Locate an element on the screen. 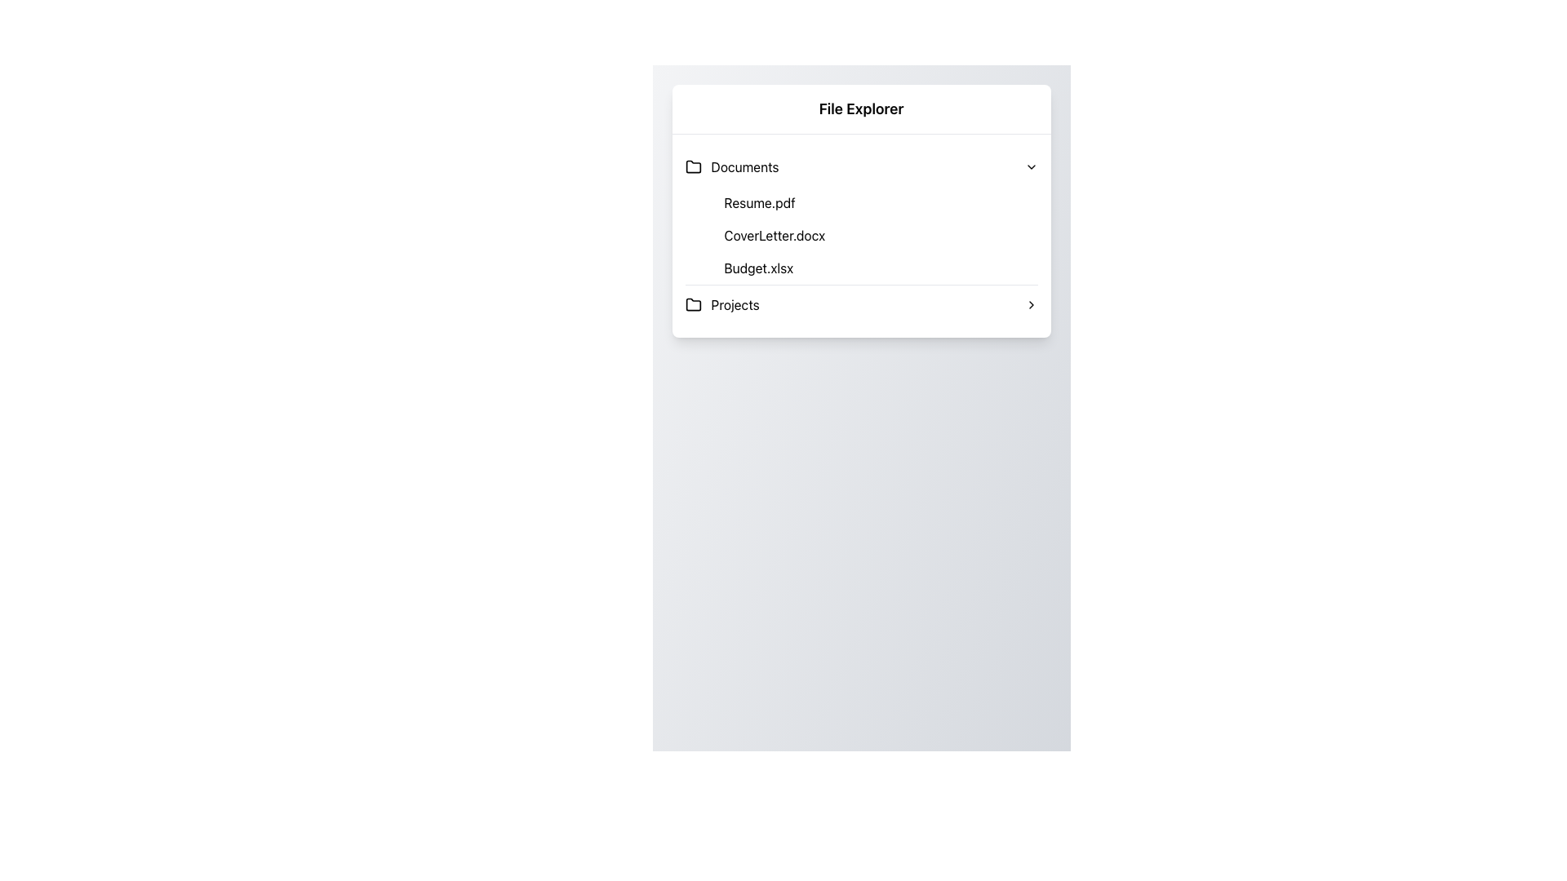 The image size is (1567, 881). the 'Documents' button in the File Explorer interface is located at coordinates (731, 166).